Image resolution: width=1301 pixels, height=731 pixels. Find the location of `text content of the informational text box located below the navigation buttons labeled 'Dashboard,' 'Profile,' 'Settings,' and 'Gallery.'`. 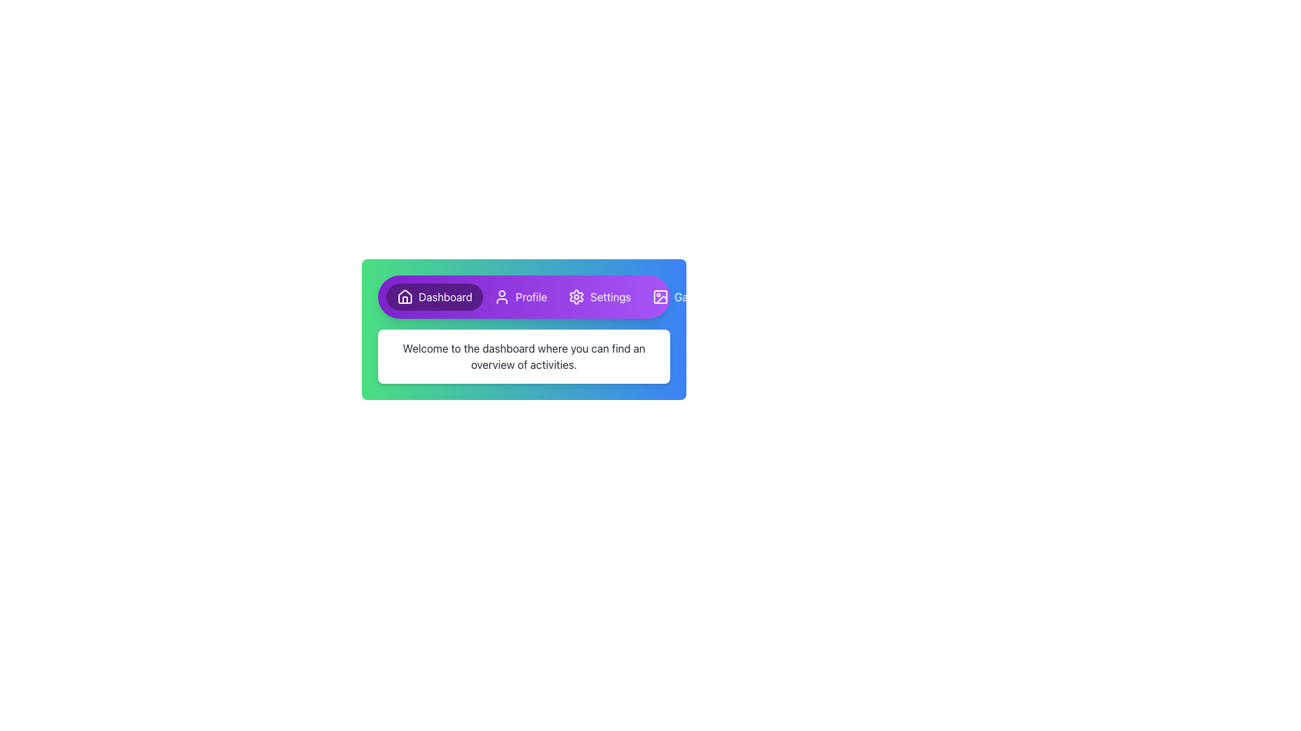

text content of the informational text box located below the navigation buttons labeled 'Dashboard,' 'Profile,' 'Settings,' and 'Gallery.' is located at coordinates (523, 356).